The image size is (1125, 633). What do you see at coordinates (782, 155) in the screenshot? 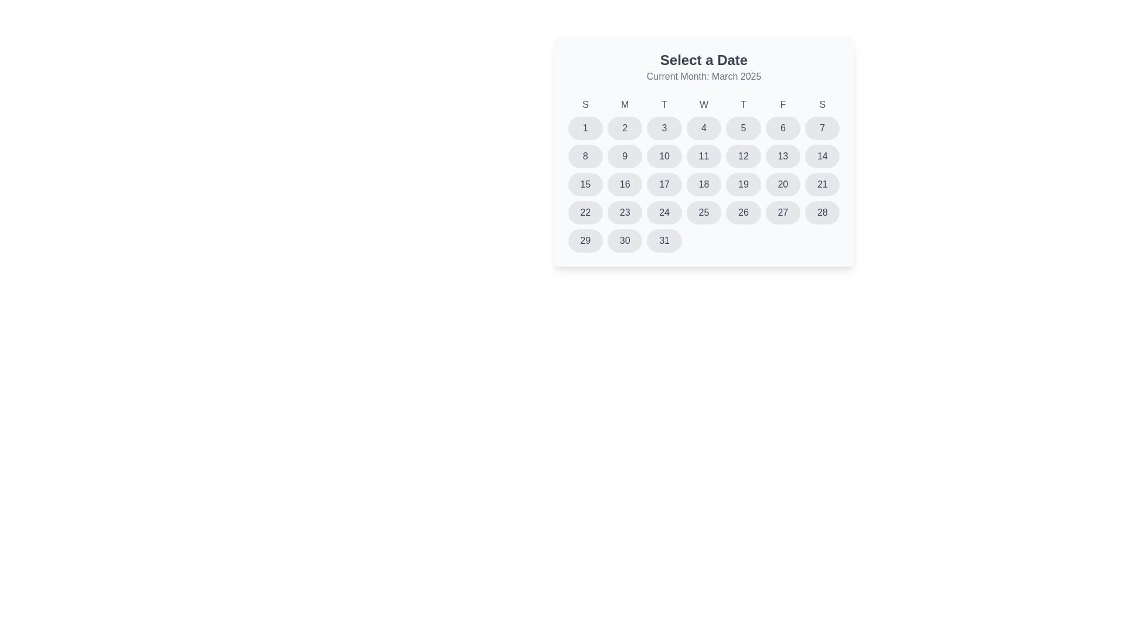
I see `the interactive button located in the third row, sixth column of the grid under the 'F' column header` at bounding box center [782, 155].